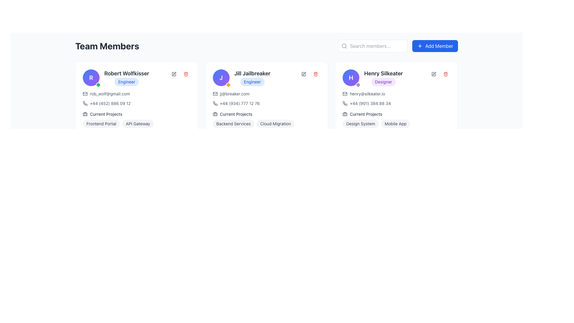 The image size is (574, 323). Describe the element at coordinates (396, 123) in the screenshot. I see `the non-interactive label indicating 'Mobile App' associated with user 'Henry Silkeater', located to the right of the 'Design System' tag in the 'Current Projects' section` at that location.